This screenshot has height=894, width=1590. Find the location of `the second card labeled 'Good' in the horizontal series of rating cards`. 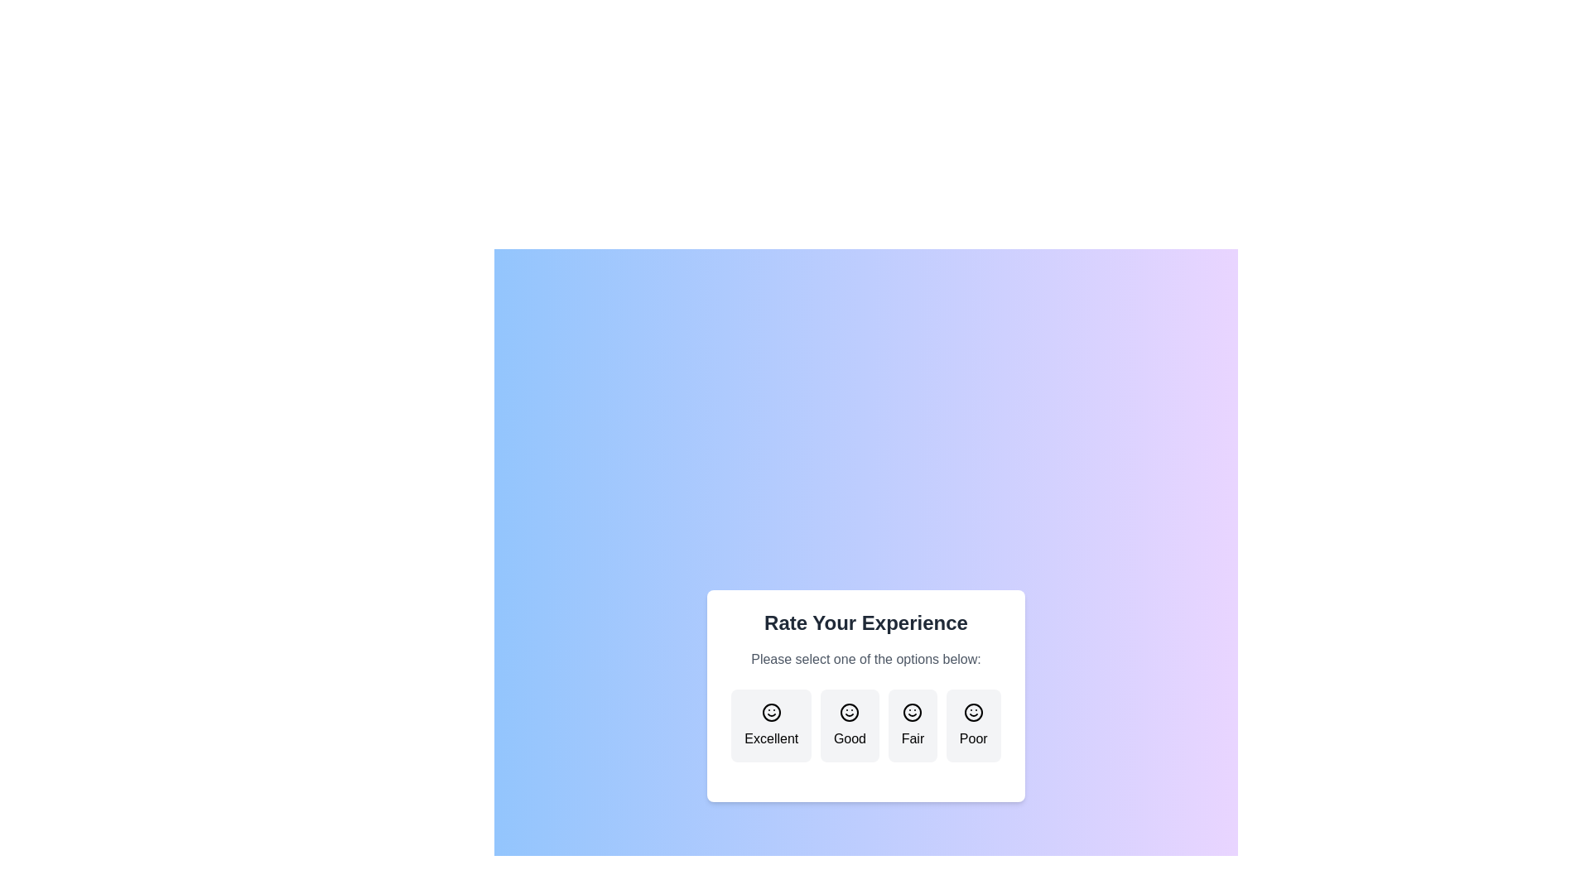

the second card labeled 'Good' in the horizontal series of rating cards is located at coordinates (850, 724).